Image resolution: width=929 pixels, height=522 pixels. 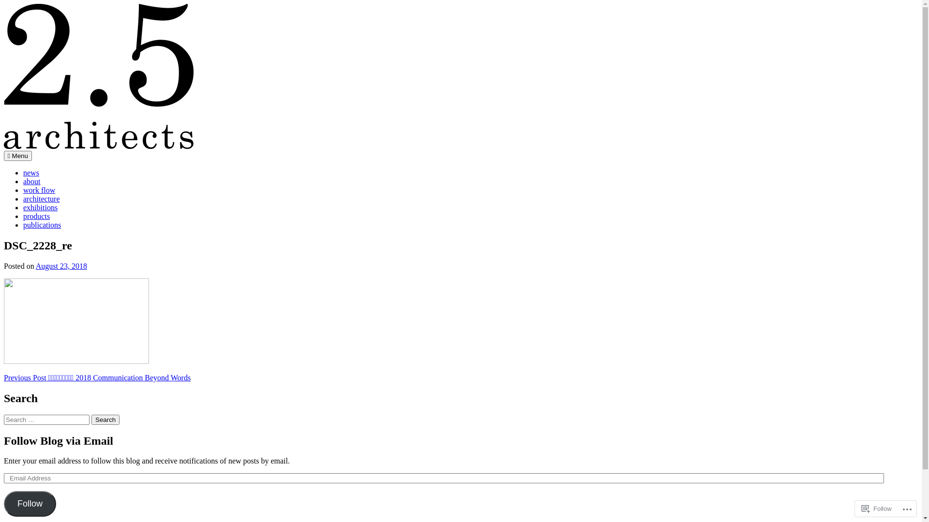 I want to click on 'work flow', so click(x=23, y=190).